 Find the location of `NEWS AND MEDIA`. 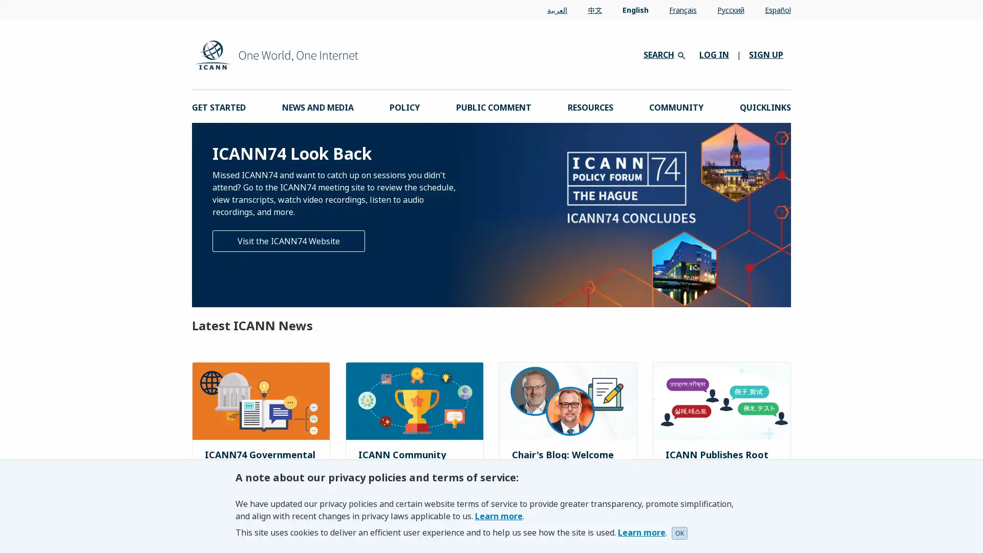

NEWS AND MEDIA is located at coordinates (316, 107).